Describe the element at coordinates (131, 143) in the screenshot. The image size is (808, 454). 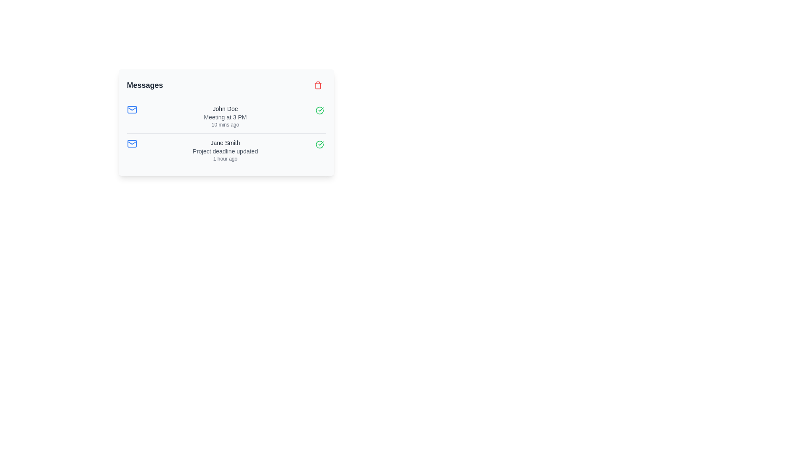
I see `the SvgIcon that visually signifies an email or message related to 'Jane Smith' and 'Project deadline updated'` at that location.